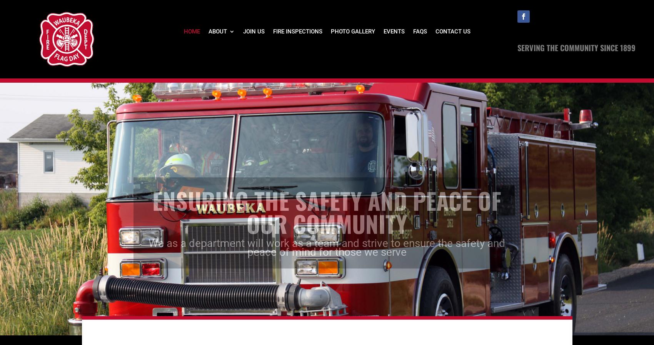 Image resolution: width=654 pixels, height=345 pixels. What do you see at coordinates (217, 31) in the screenshot?
I see `'About'` at bounding box center [217, 31].